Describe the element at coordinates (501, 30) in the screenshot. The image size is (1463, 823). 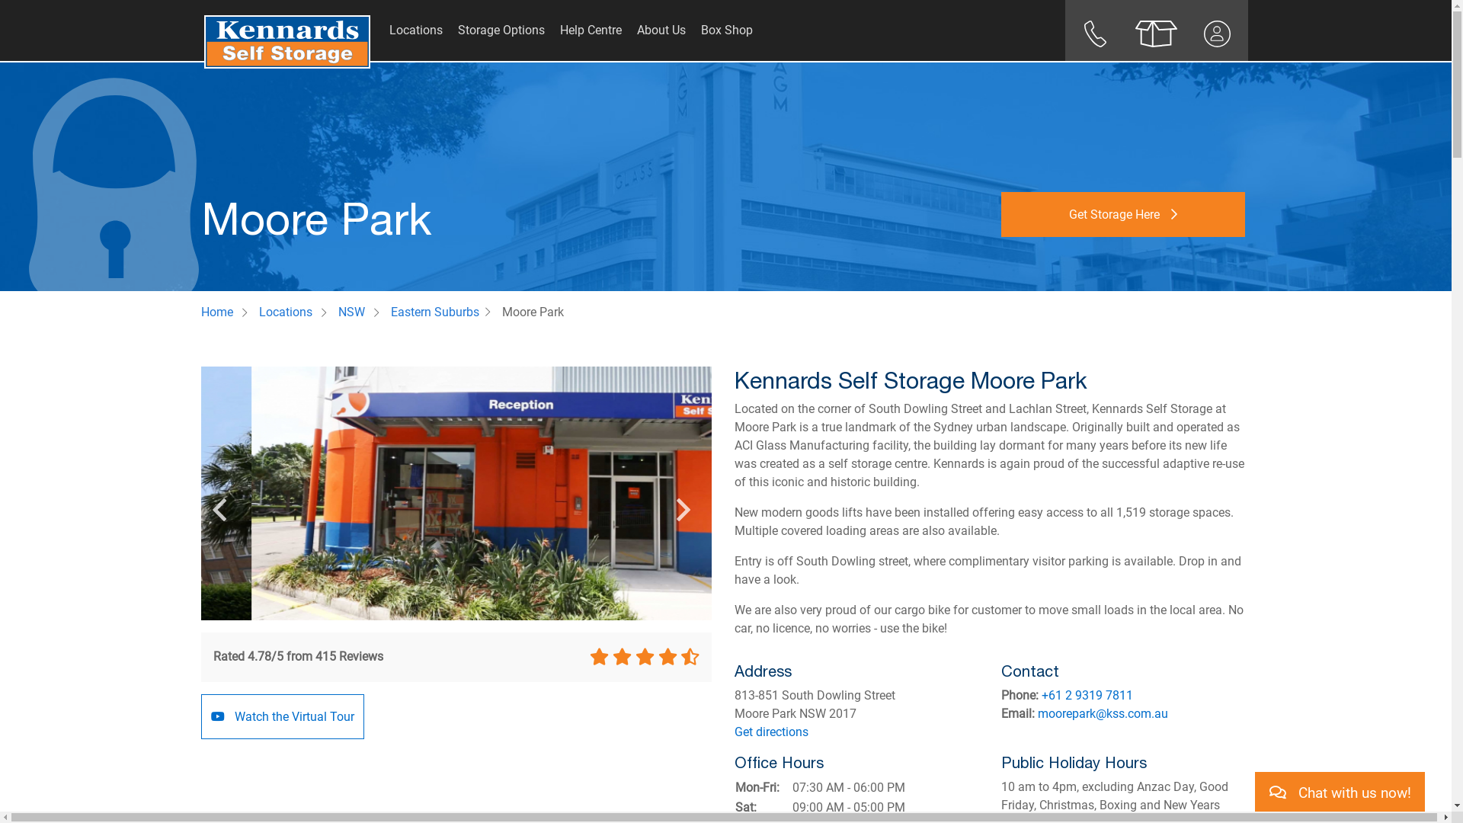
I see `'Storage Options'` at that location.